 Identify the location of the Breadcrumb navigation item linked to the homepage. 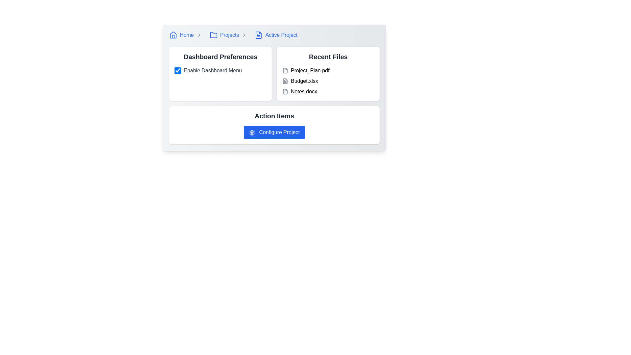
(186, 35).